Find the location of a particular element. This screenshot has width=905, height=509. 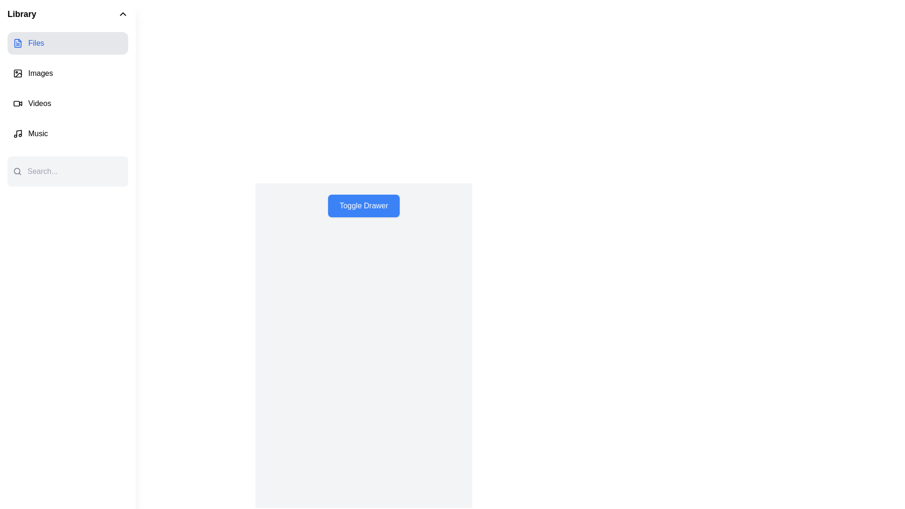

the search icon located in the left sidebar menu, which serves as a visual cue for the search functionality is located at coordinates (17, 171).